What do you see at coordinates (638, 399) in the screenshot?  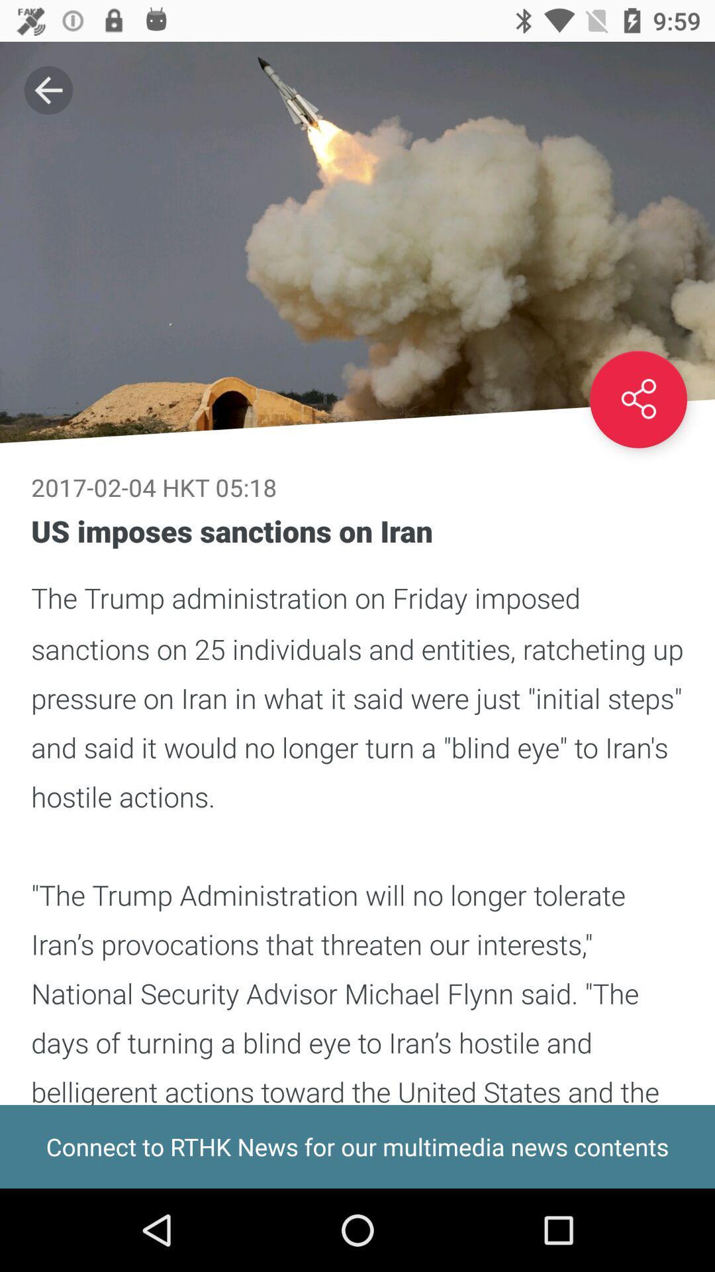 I see `the share icon` at bounding box center [638, 399].